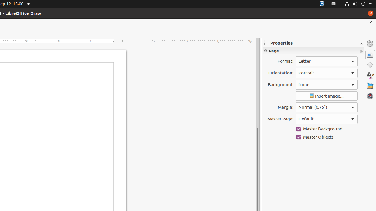  What do you see at coordinates (321, 4) in the screenshot?
I see `':1.72/StatusNotifierItem'` at bounding box center [321, 4].